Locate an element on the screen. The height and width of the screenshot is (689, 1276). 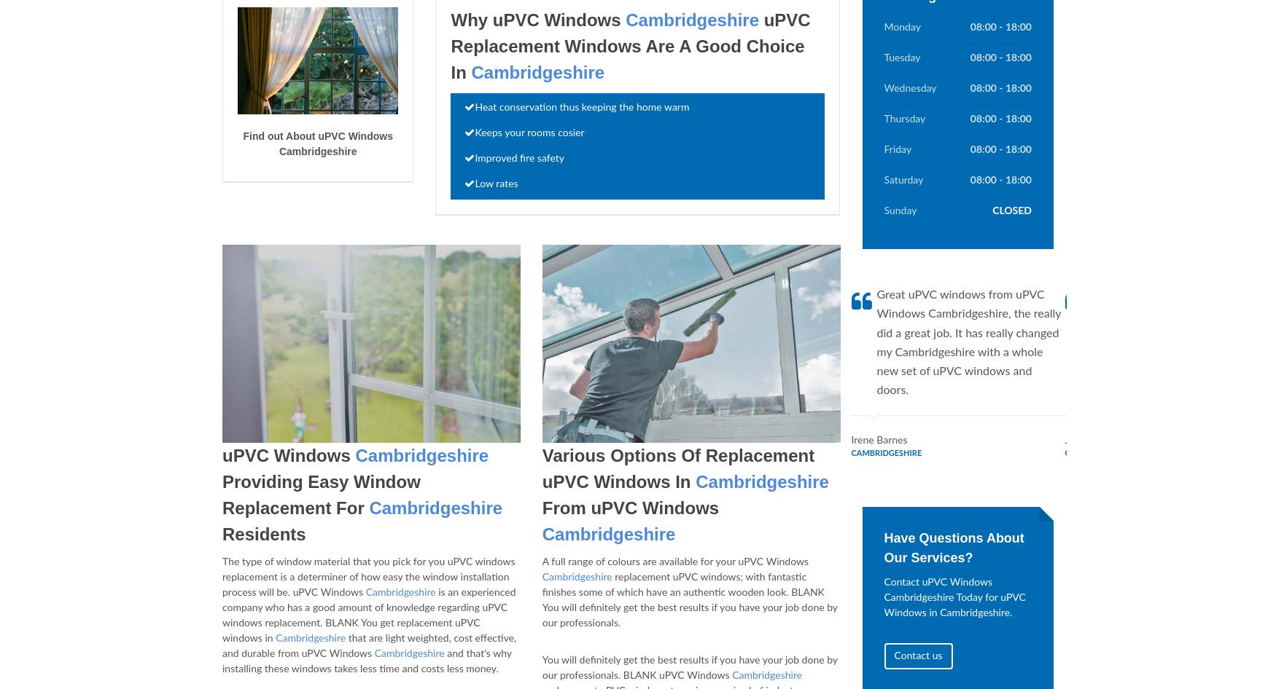
'From uPVC Windows' is located at coordinates (630, 508).